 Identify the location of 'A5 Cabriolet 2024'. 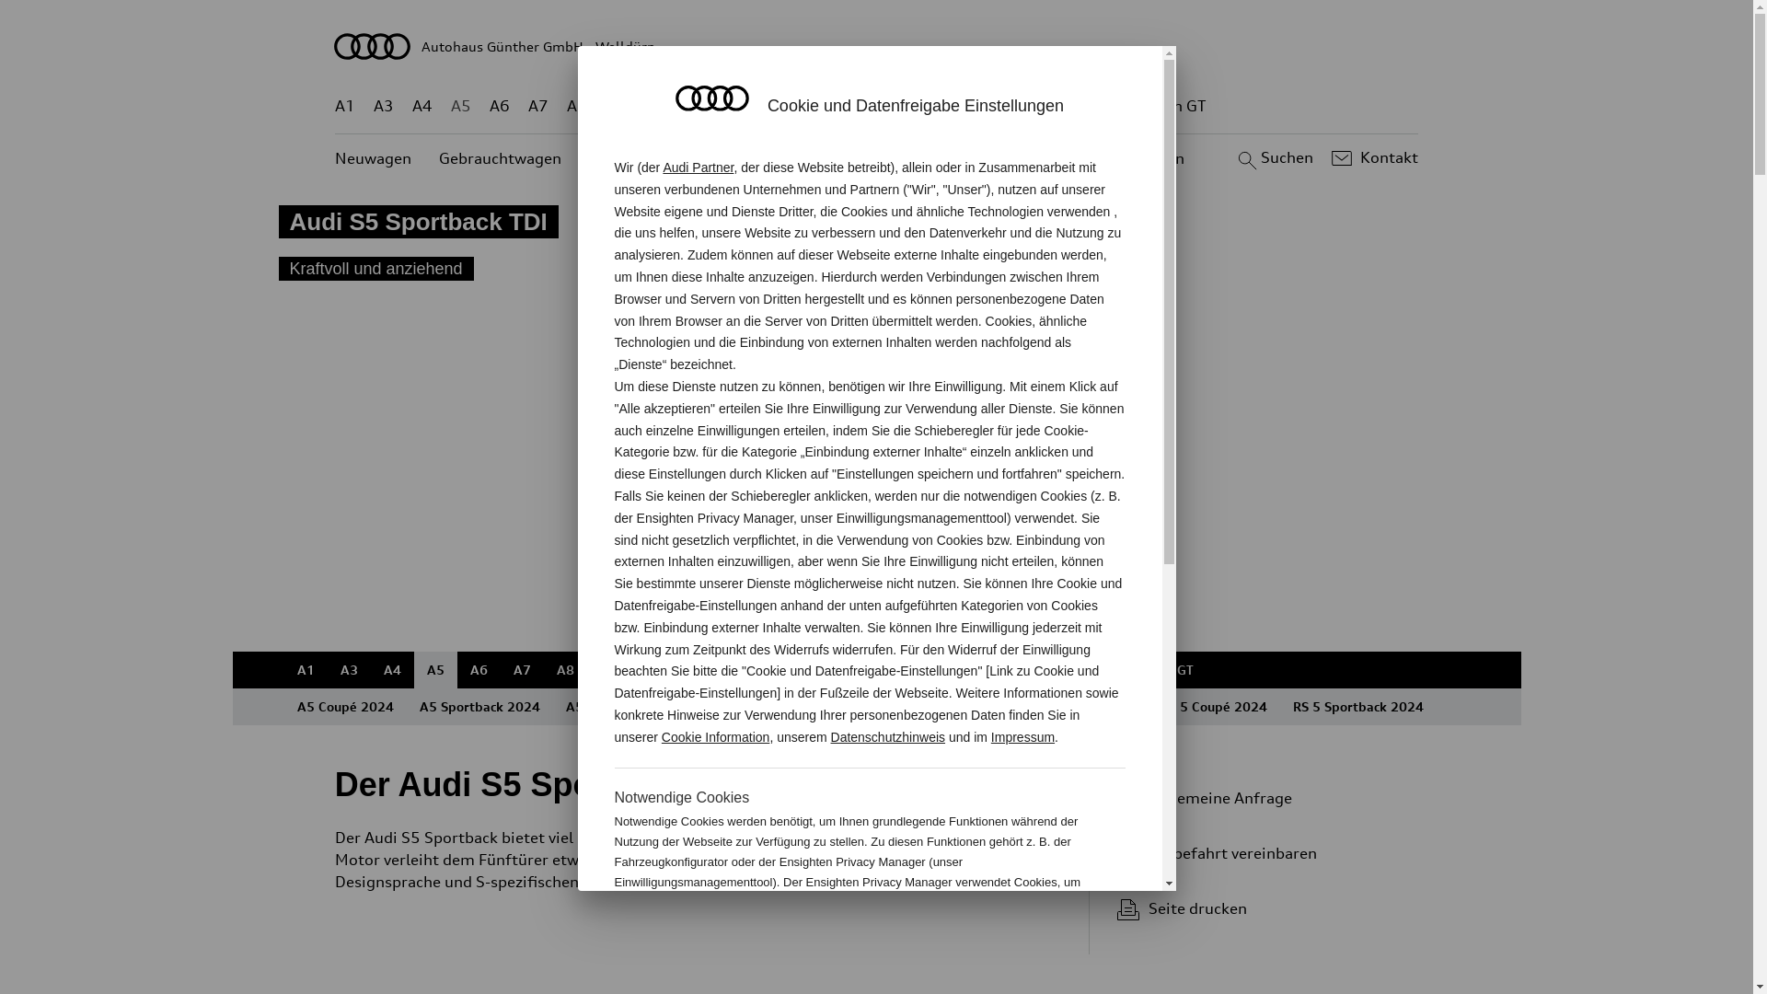
(551, 705).